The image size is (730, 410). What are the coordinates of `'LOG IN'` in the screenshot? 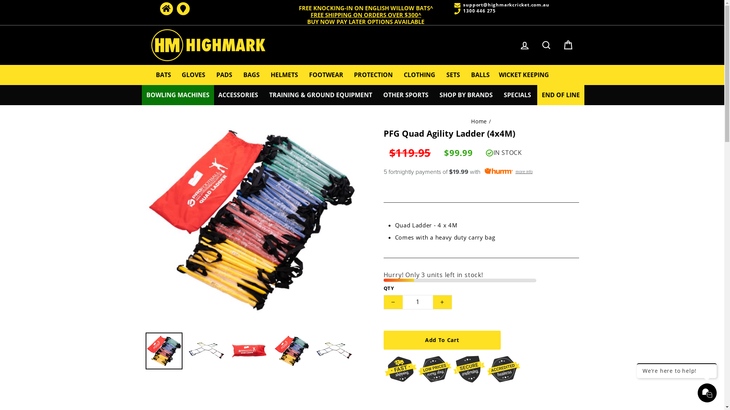 It's located at (524, 45).